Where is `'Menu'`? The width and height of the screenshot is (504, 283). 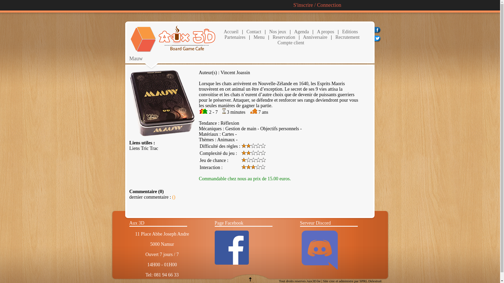
'Menu' is located at coordinates (259, 37).